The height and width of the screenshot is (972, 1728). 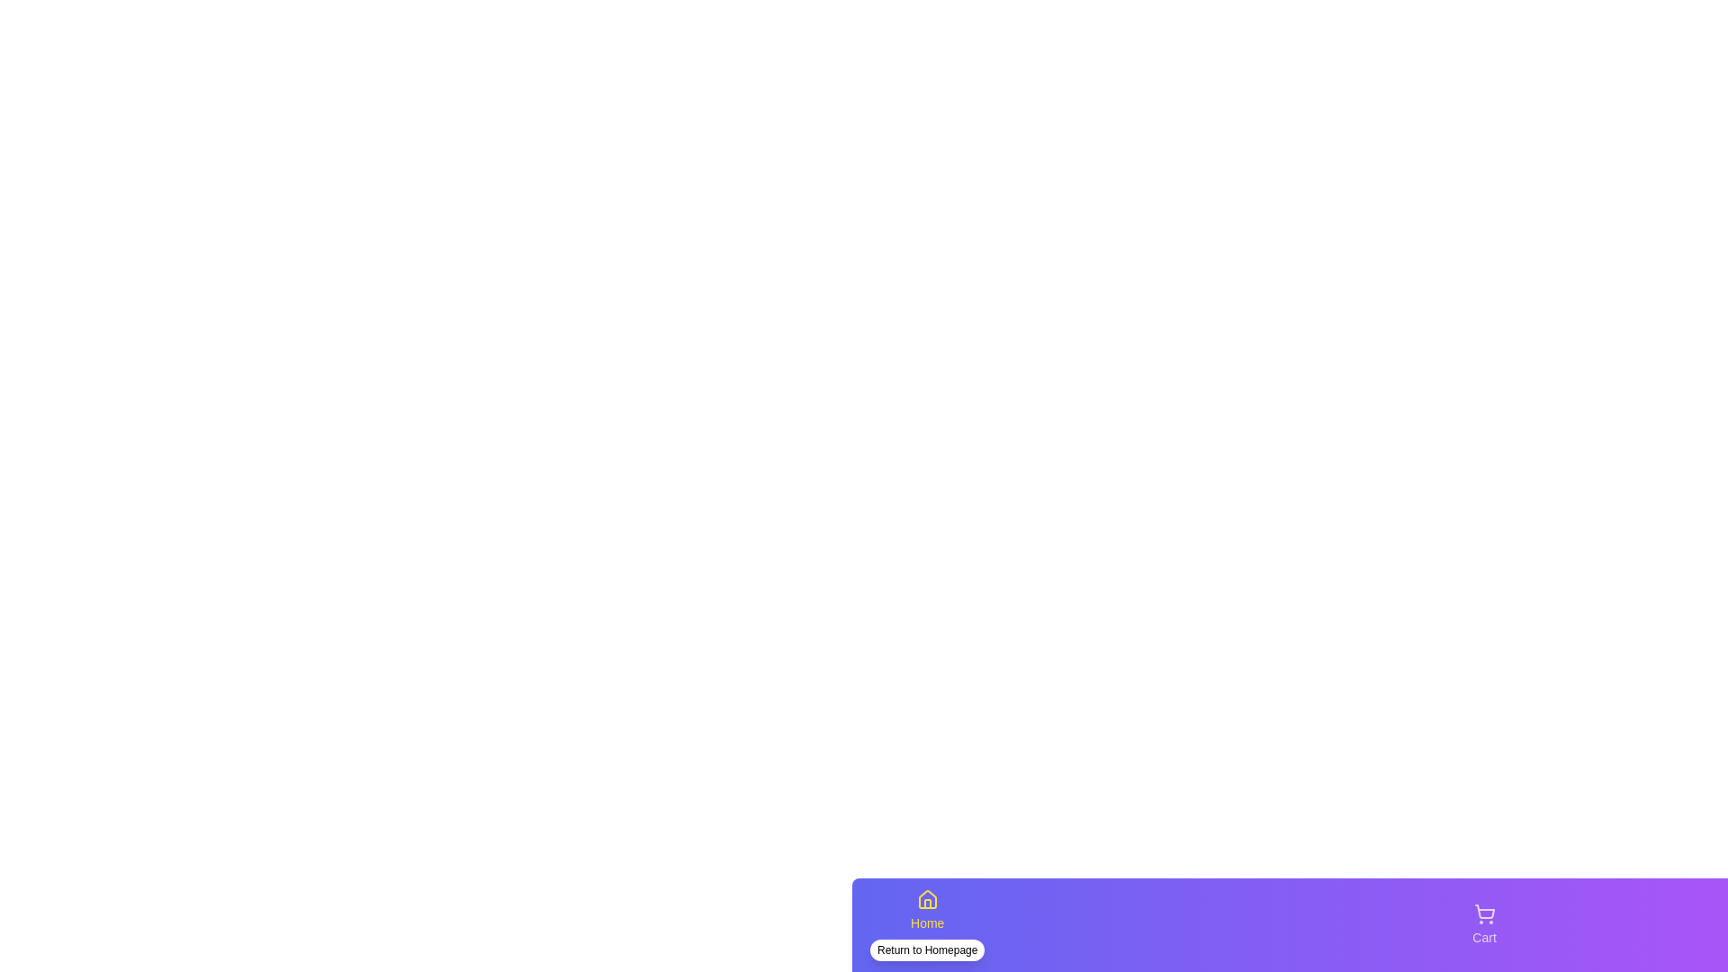 I want to click on the Cart navigation tab, so click(x=1484, y=925).